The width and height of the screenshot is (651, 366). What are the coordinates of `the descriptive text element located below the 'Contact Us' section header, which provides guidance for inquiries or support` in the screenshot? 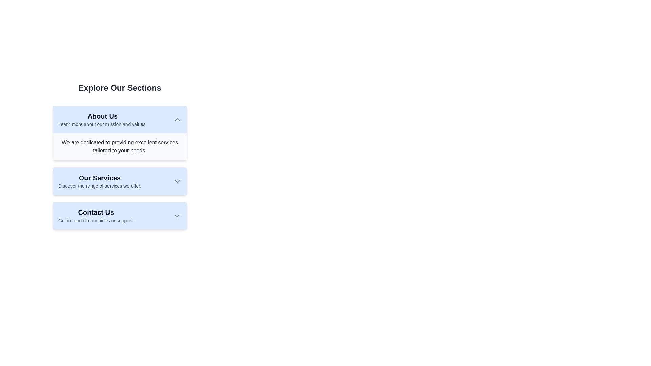 It's located at (96, 221).